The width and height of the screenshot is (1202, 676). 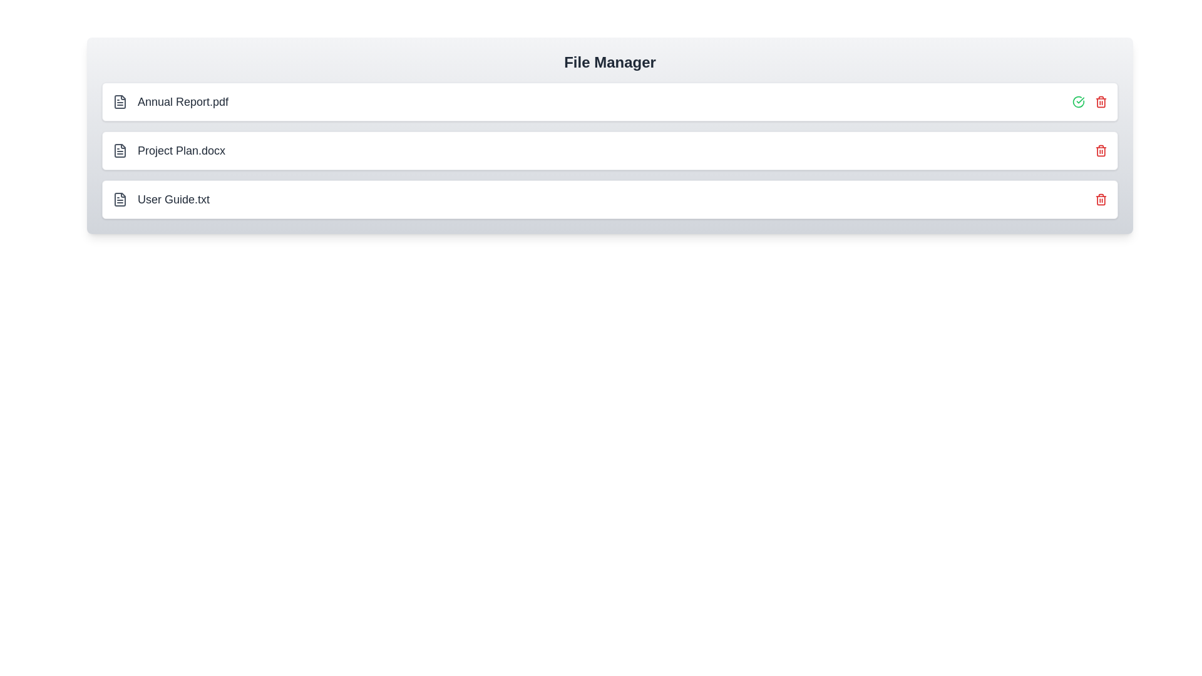 I want to click on the delete button located on the right edge of the 'User Guide.txt' file entry in the file manager list, so click(x=1100, y=199).